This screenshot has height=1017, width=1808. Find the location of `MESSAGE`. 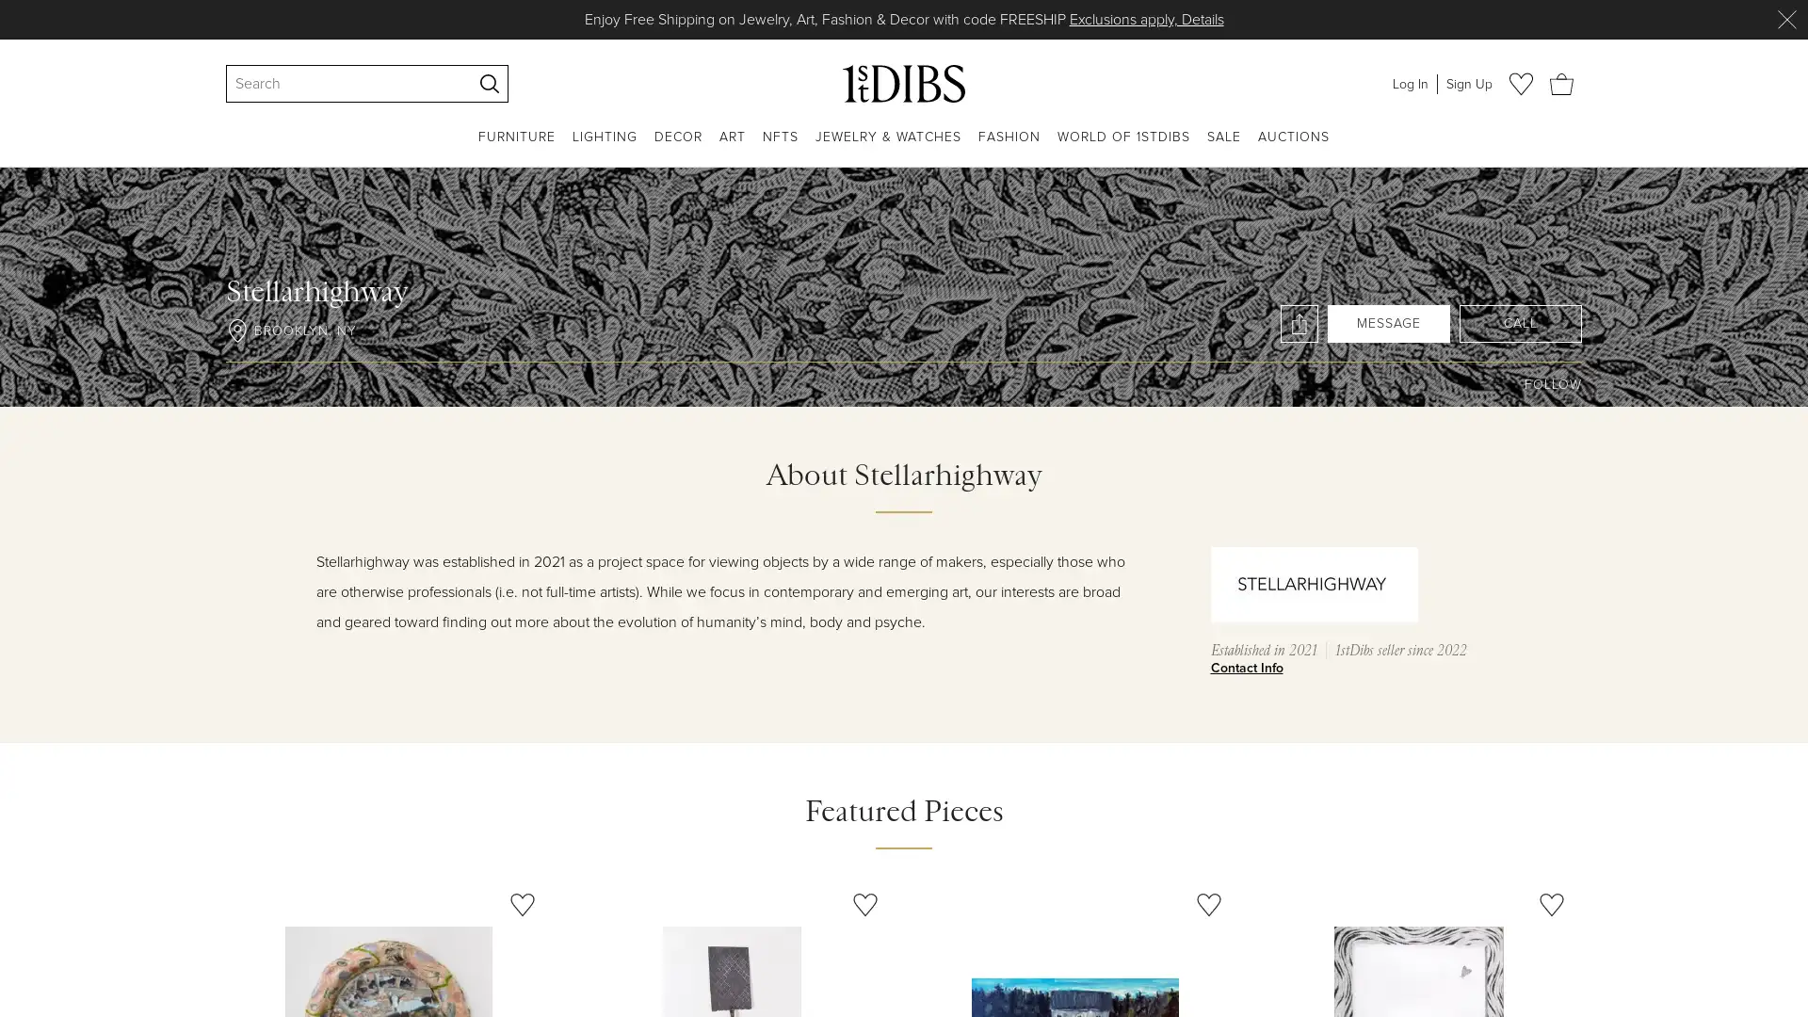

MESSAGE is located at coordinates (1388, 322).